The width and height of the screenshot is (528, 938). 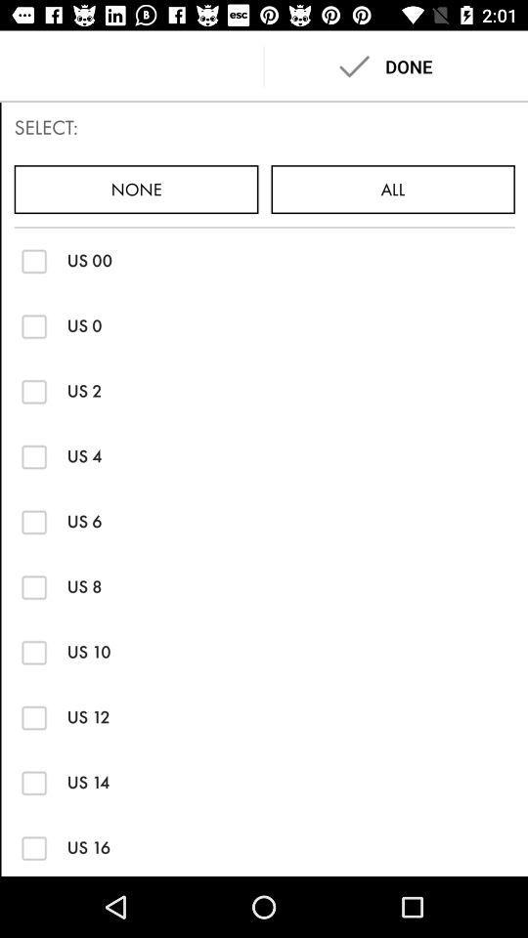 What do you see at coordinates (34, 456) in the screenshot?
I see `option us 4` at bounding box center [34, 456].